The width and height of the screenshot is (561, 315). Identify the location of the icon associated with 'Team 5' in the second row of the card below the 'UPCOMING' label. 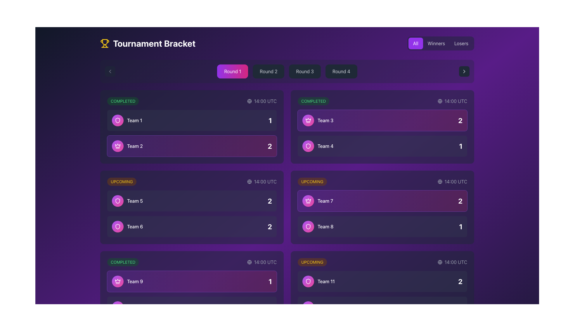
(127, 201).